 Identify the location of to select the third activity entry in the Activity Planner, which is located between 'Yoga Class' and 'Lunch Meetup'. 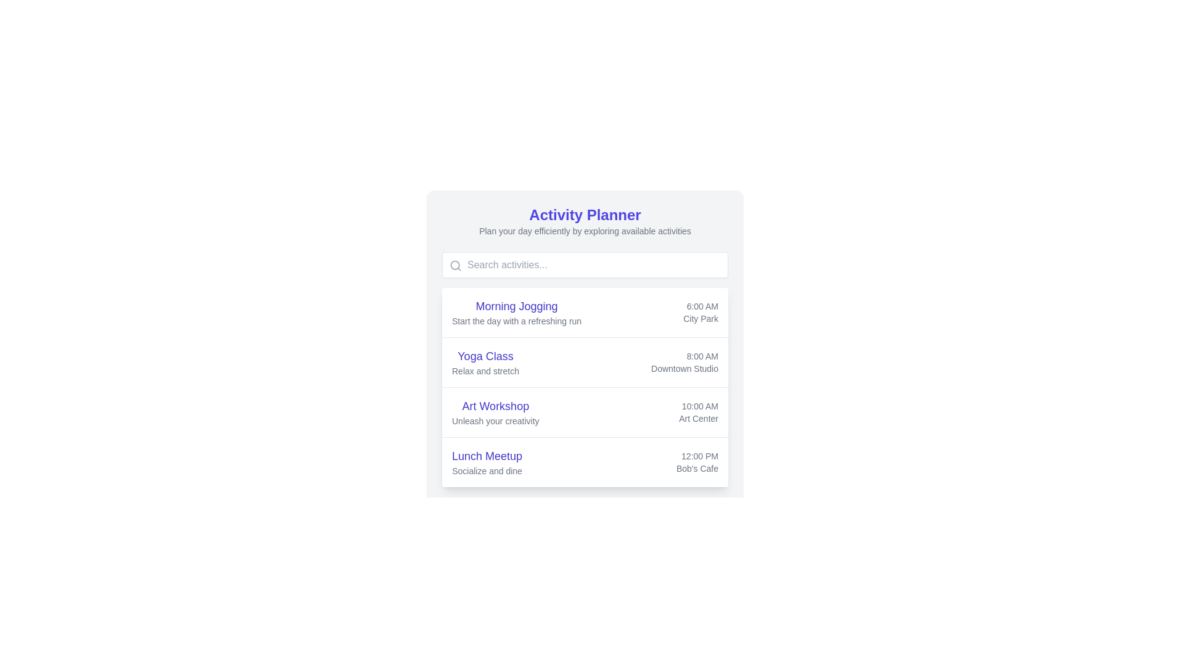
(585, 411).